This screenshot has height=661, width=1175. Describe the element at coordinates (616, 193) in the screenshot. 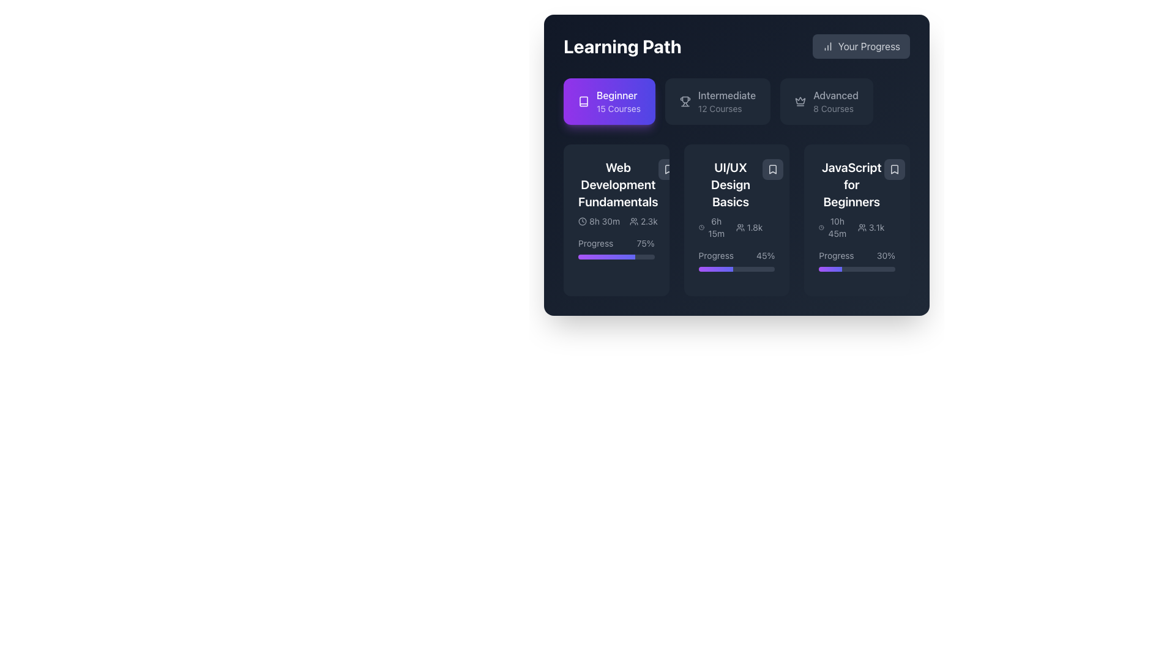

I see `the Informational card displaying the course details for 'Web Development Fundamentals', which is the first course item in the 'Beginner' courses section` at that location.